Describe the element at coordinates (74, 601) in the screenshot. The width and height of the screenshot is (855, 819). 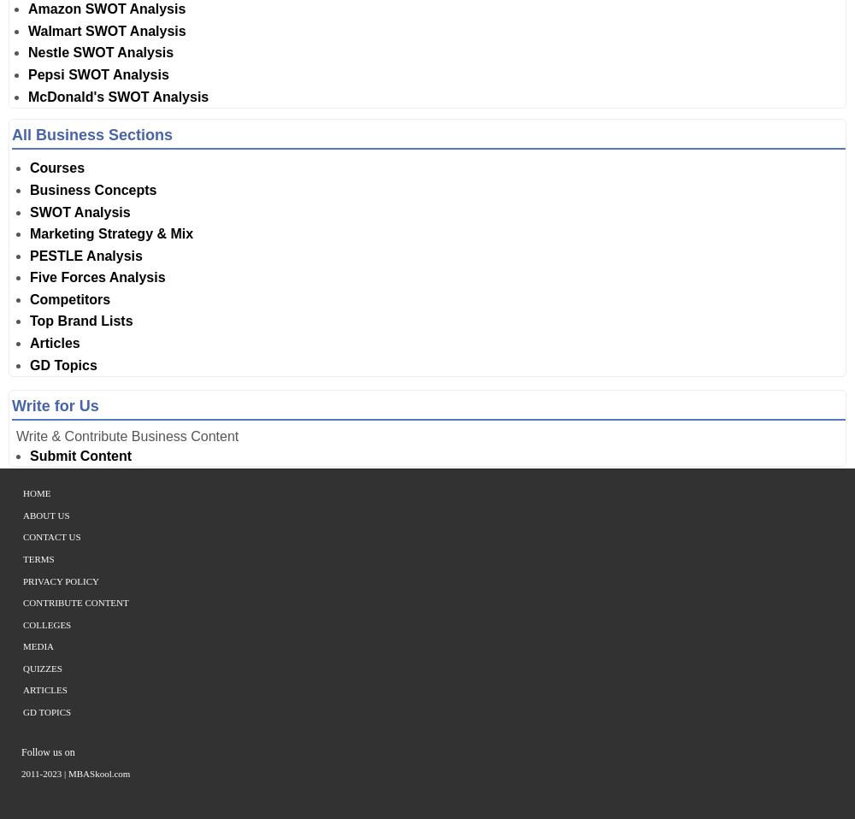
I see `'Contribute Content'` at that location.